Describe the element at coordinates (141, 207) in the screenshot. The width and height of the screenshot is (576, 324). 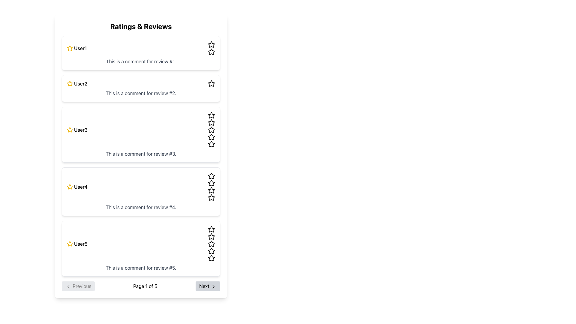
I see `the comment text 'This is a comment for review #4.' located below 'User4' in the fourth review section` at that location.